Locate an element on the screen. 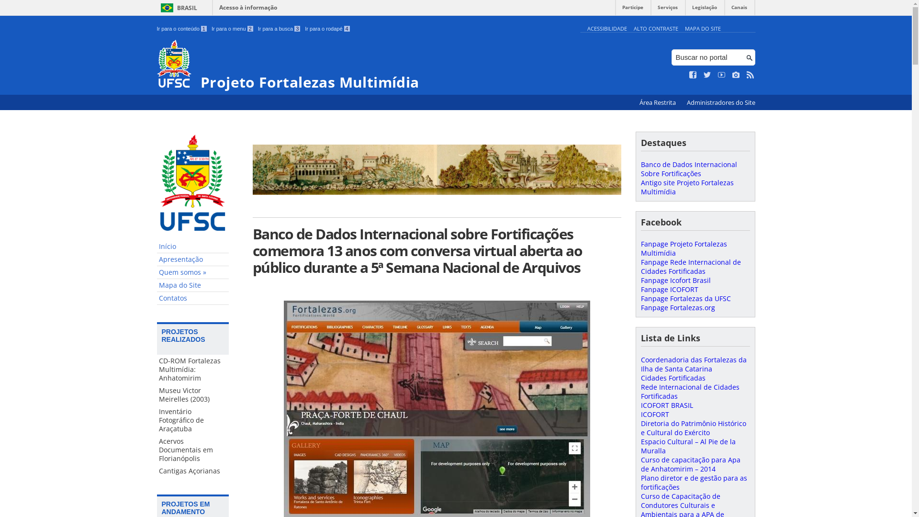 This screenshot has height=517, width=919. 'MAPA DO SITE' is located at coordinates (702, 28).